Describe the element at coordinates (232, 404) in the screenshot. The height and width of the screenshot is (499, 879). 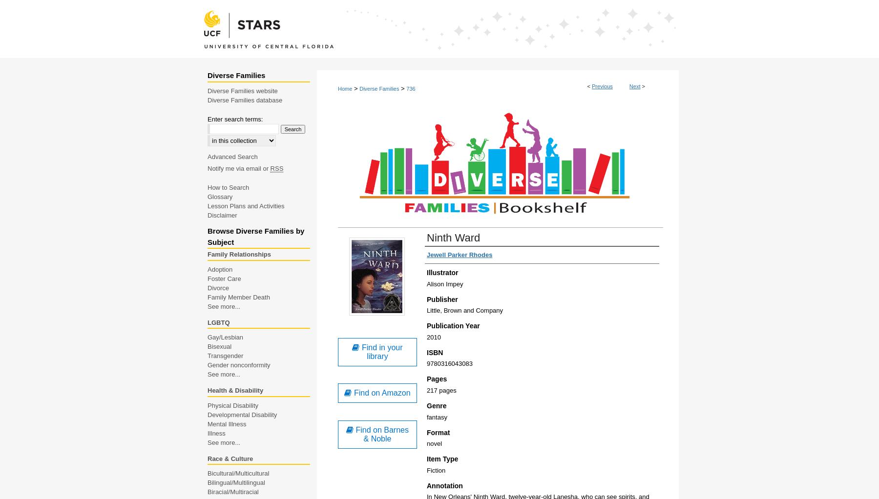
I see `'Physical Disability'` at that location.